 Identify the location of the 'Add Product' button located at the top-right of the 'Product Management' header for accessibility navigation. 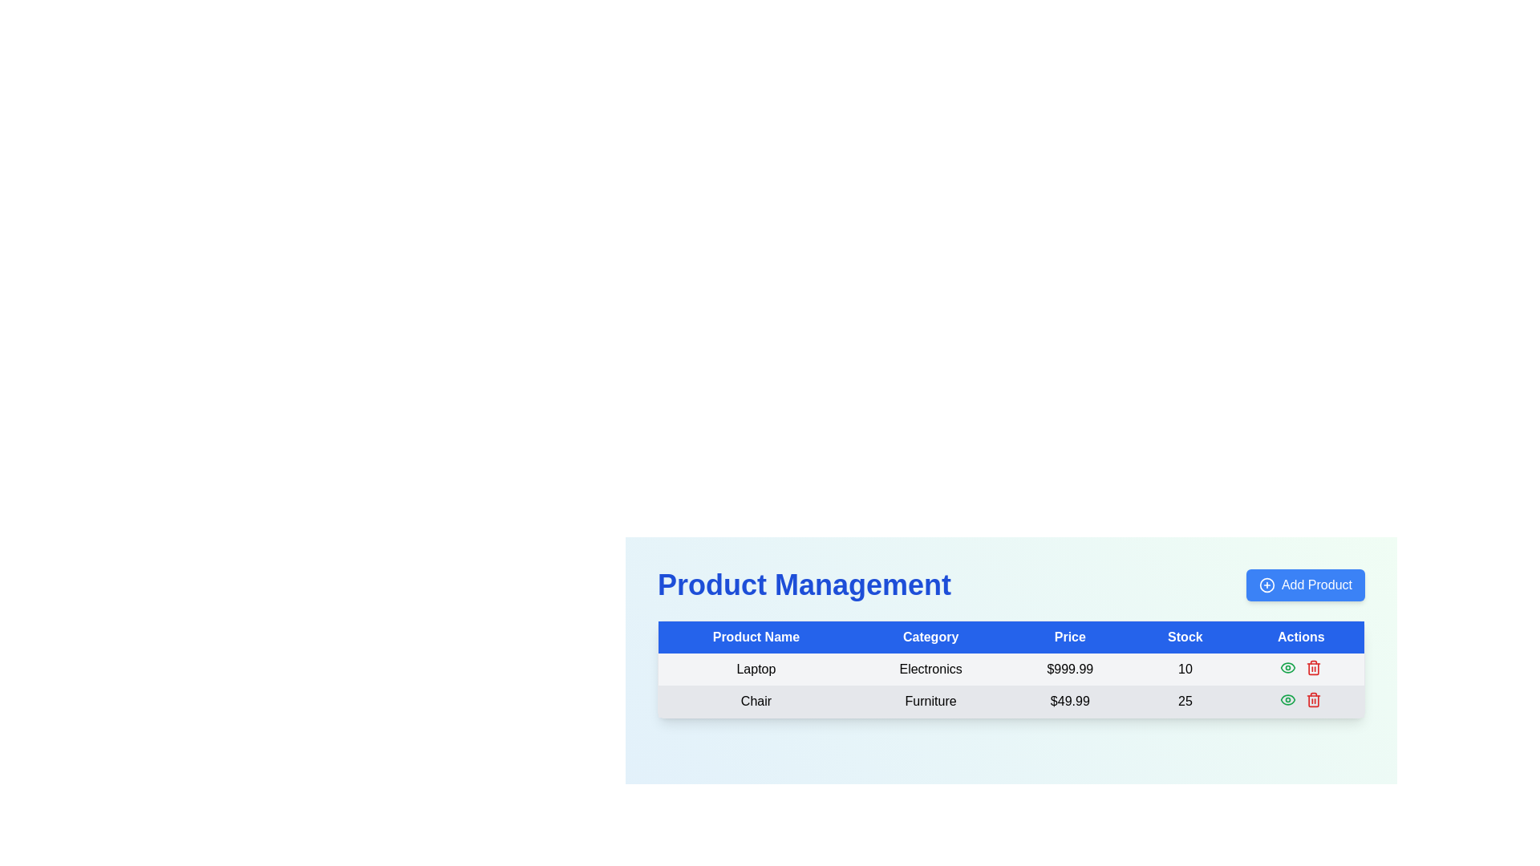
(1305, 585).